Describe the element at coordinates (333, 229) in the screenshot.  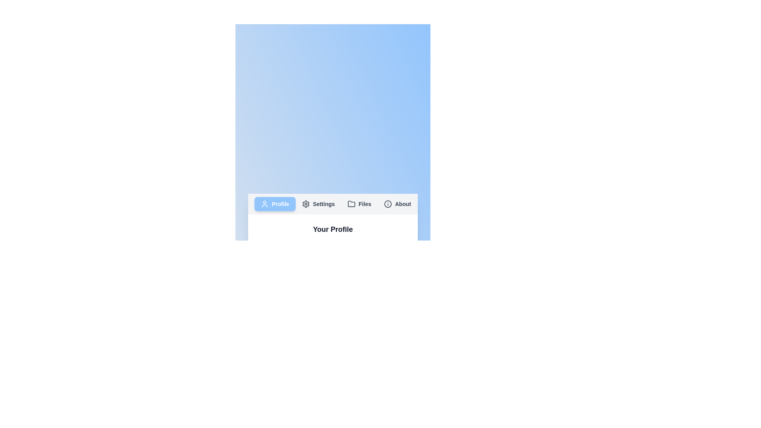
I see `the text label displaying 'Your Profile' in bold, large, black font, located directly below the navigation bar` at that location.